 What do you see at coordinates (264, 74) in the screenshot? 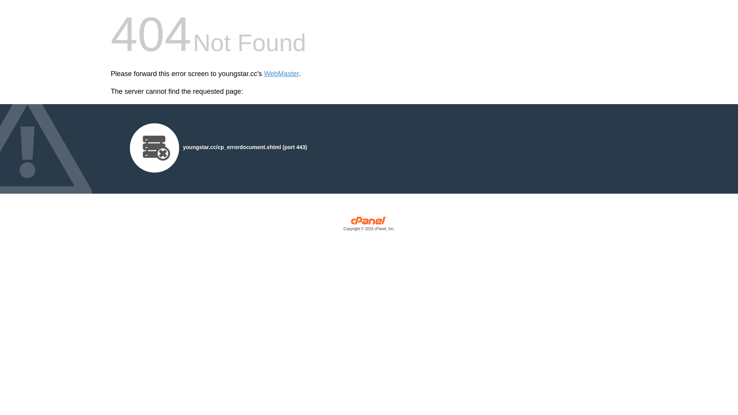
I see `'WebMaster'` at bounding box center [264, 74].